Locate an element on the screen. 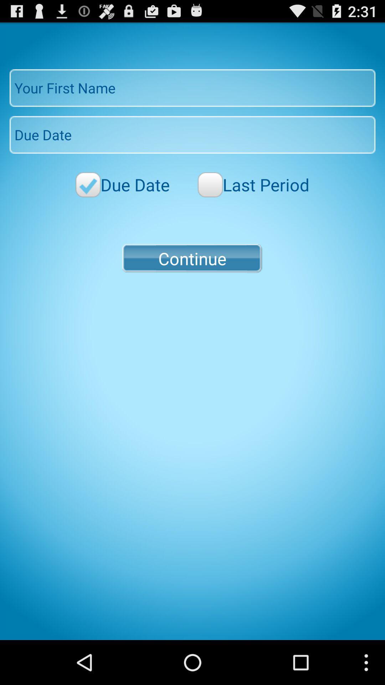  continue button is located at coordinates (192, 258).